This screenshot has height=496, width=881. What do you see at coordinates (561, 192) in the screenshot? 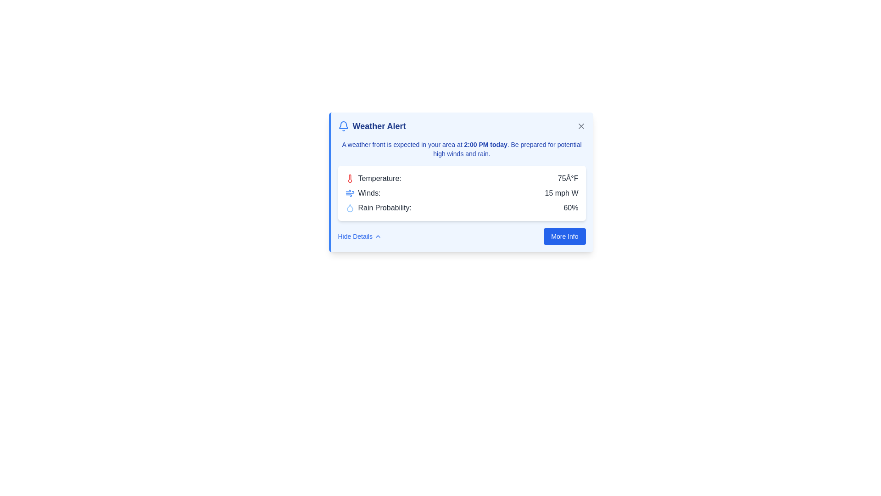
I see `the wind speed and direction text label located in the bottom-right section of the weather alert card, which displays information about wind conditions` at bounding box center [561, 192].